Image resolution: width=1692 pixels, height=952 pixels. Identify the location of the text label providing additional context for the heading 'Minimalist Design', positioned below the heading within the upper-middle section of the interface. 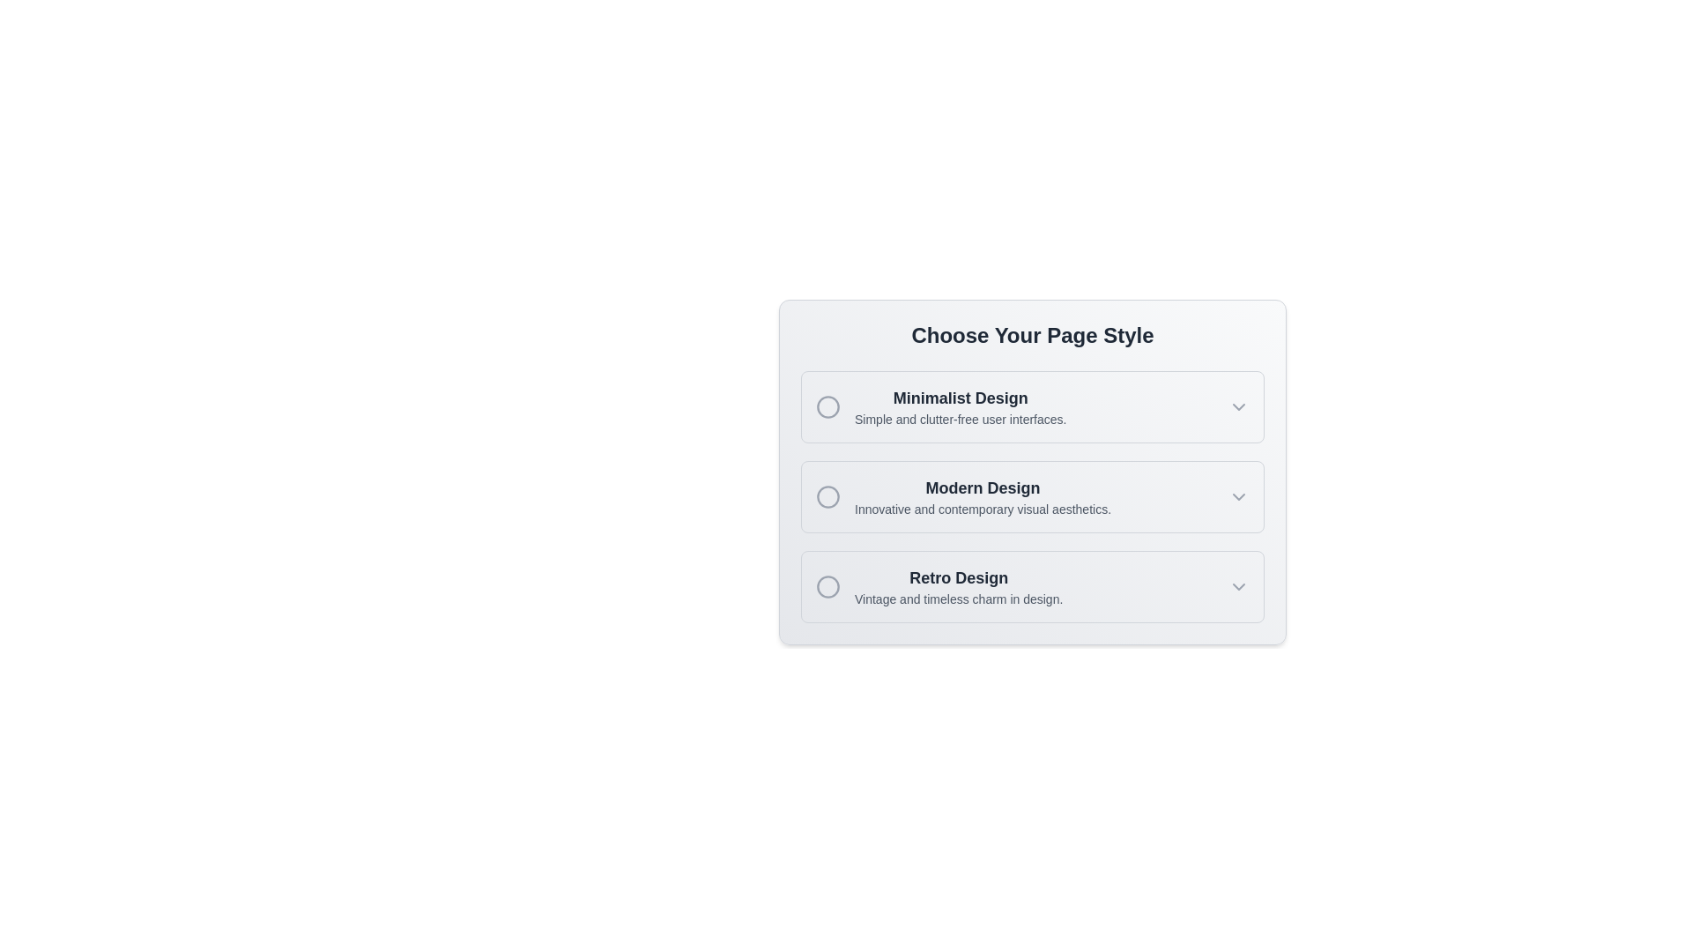
(960, 419).